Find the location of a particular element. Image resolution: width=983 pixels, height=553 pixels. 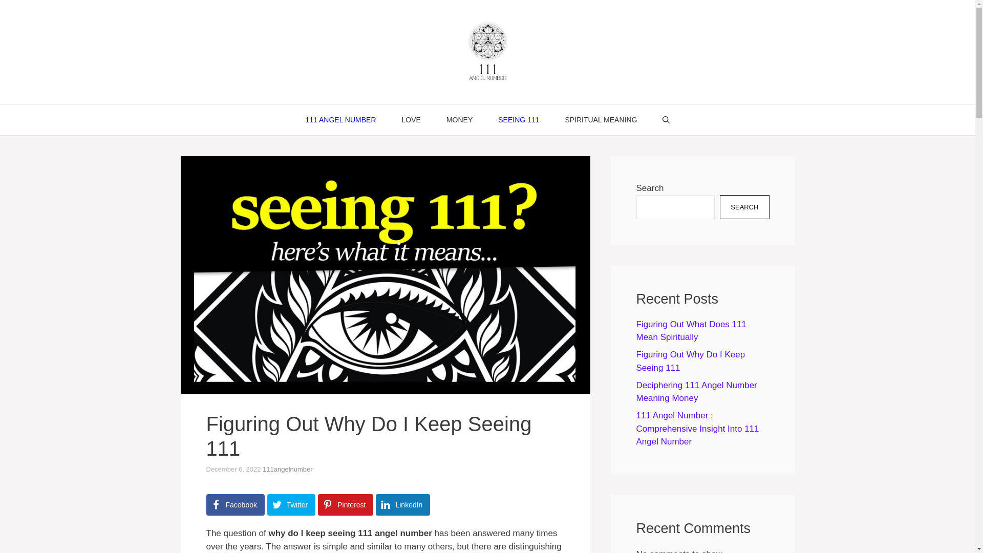

'Deciphering 111 Angel Number Meaning Money' is located at coordinates (696, 392).